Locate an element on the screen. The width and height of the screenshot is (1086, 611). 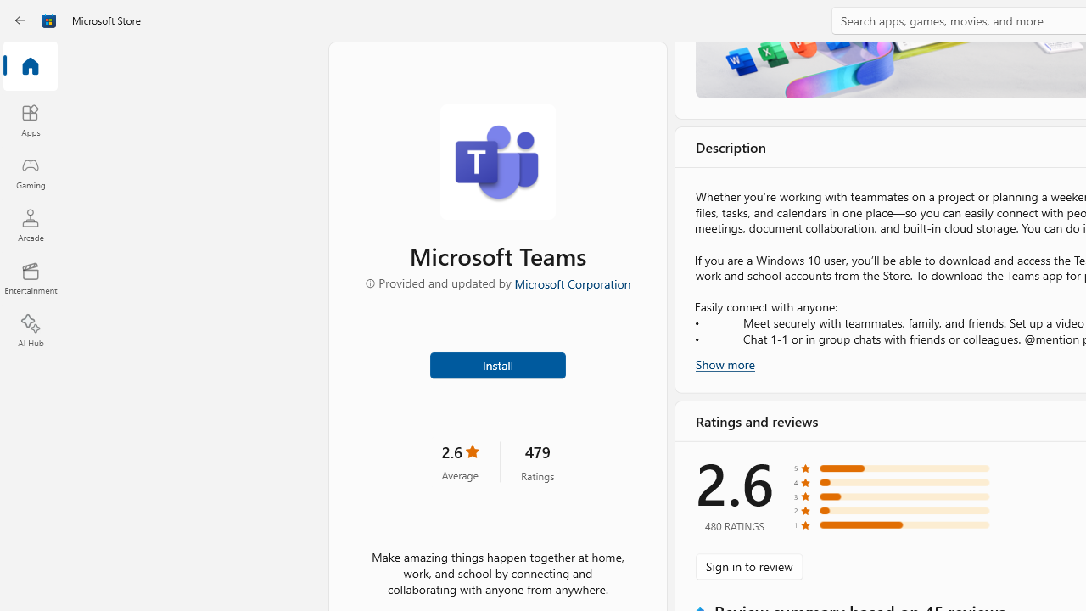
'Show more' is located at coordinates (725, 362).